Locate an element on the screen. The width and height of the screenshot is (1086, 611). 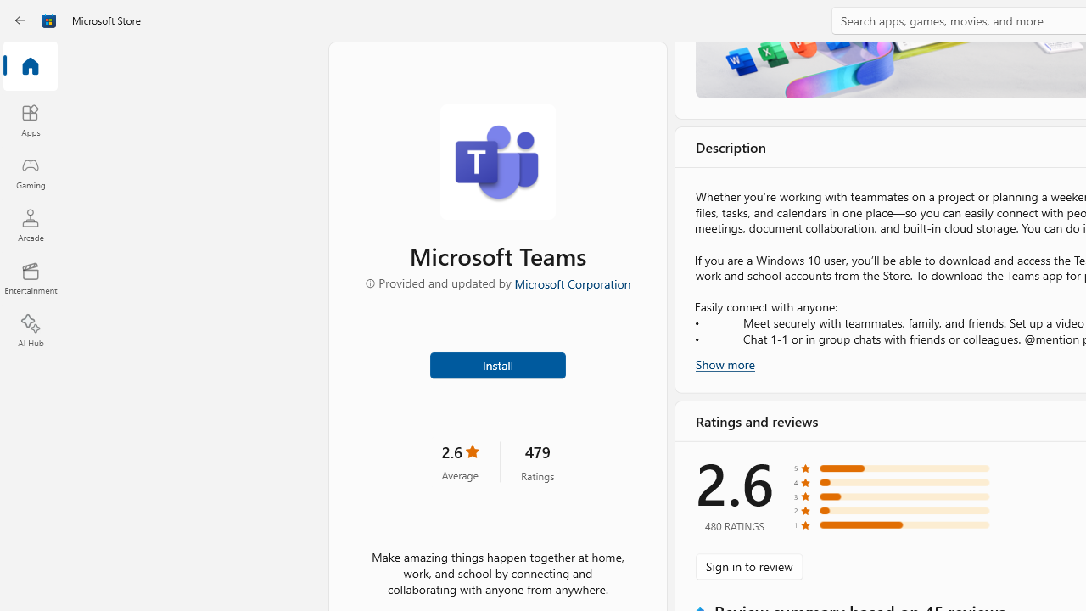
'Show more' is located at coordinates (725, 362).